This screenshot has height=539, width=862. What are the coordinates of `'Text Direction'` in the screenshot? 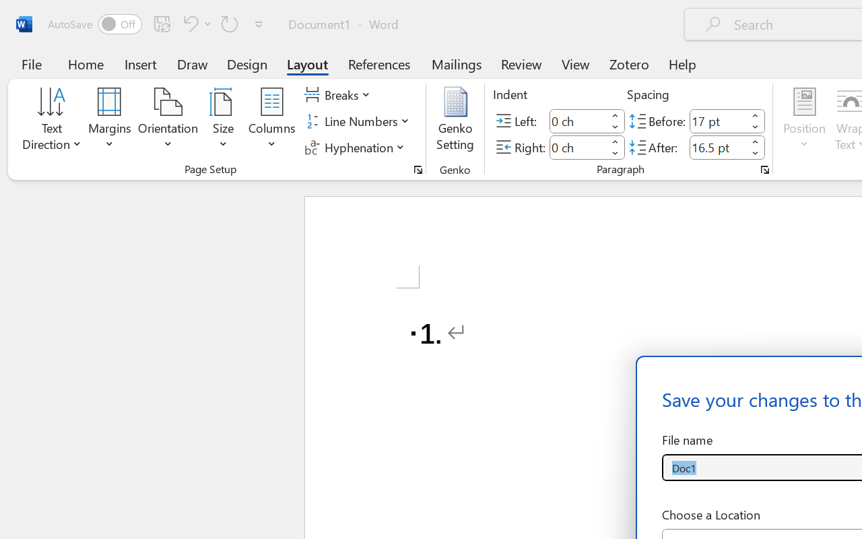 It's located at (52, 121).